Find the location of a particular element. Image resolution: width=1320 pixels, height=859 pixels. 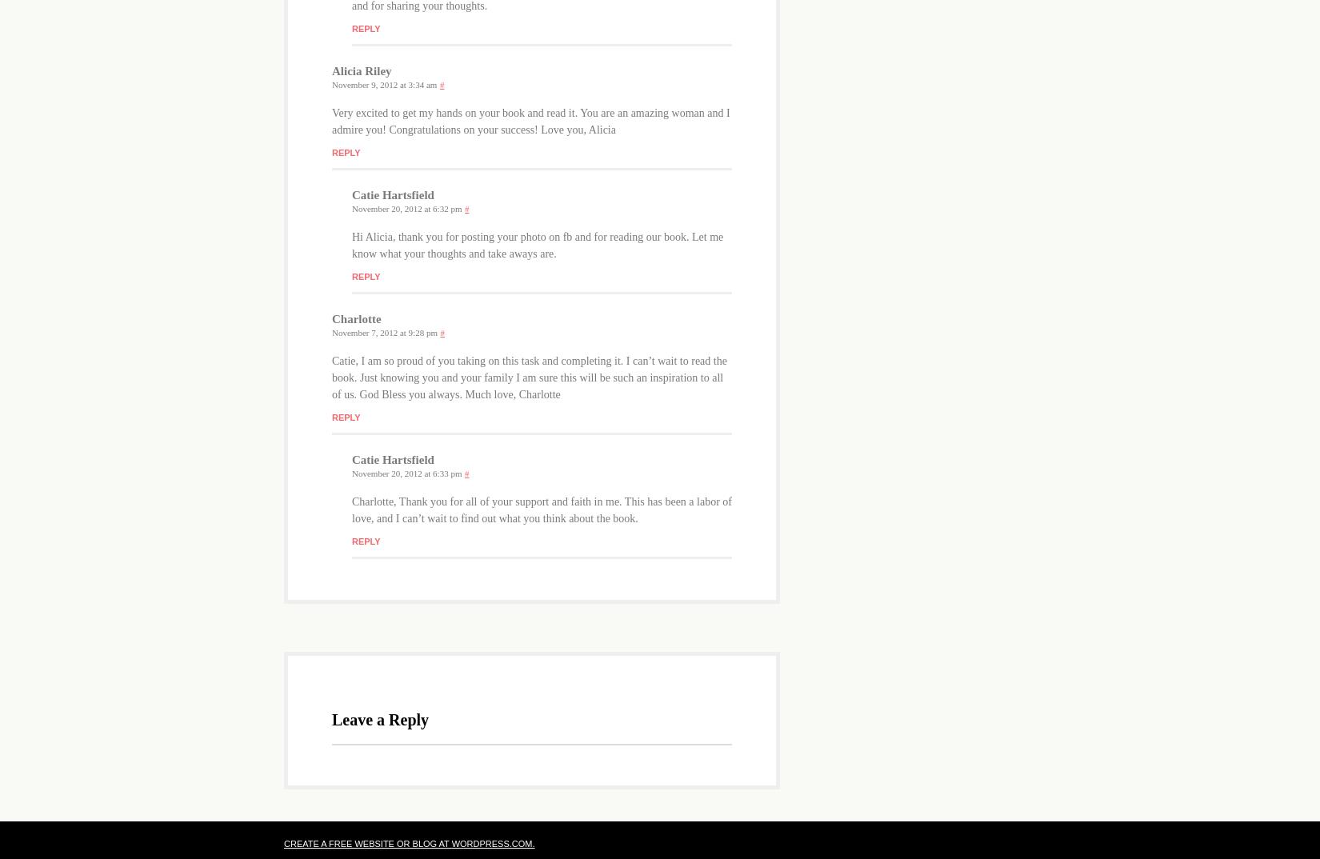

'November 20, 2012 at 6:33 pm' is located at coordinates (351, 472).